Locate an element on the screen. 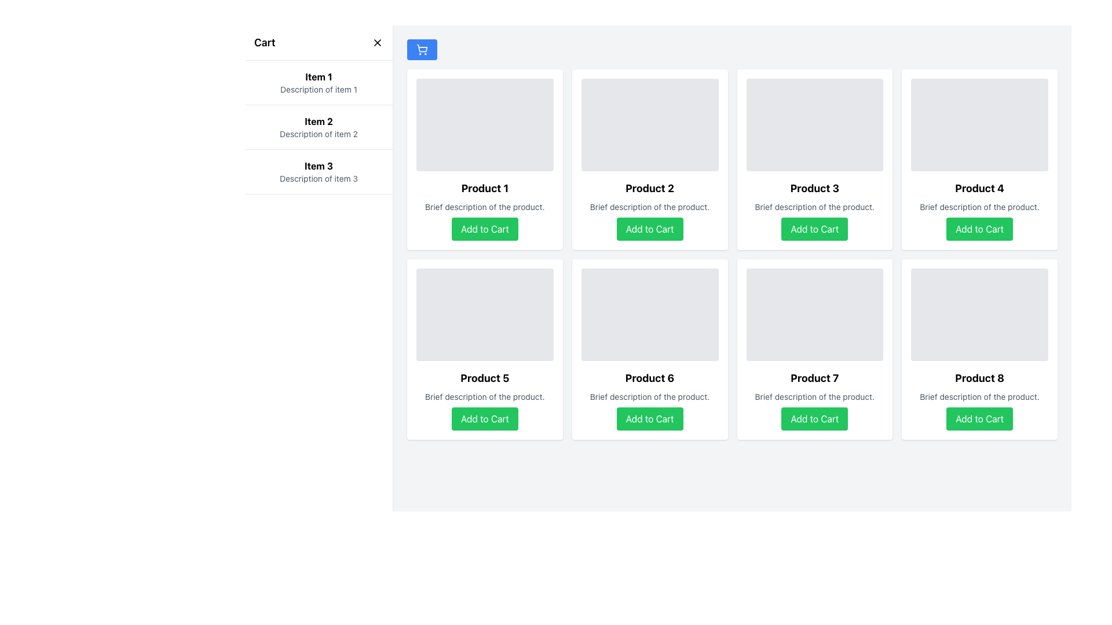 This screenshot has height=625, width=1112. the rectangular button with a blue background and a white shopping cart icon located in the top-right area of the interface is located at coordinates (422, 49).